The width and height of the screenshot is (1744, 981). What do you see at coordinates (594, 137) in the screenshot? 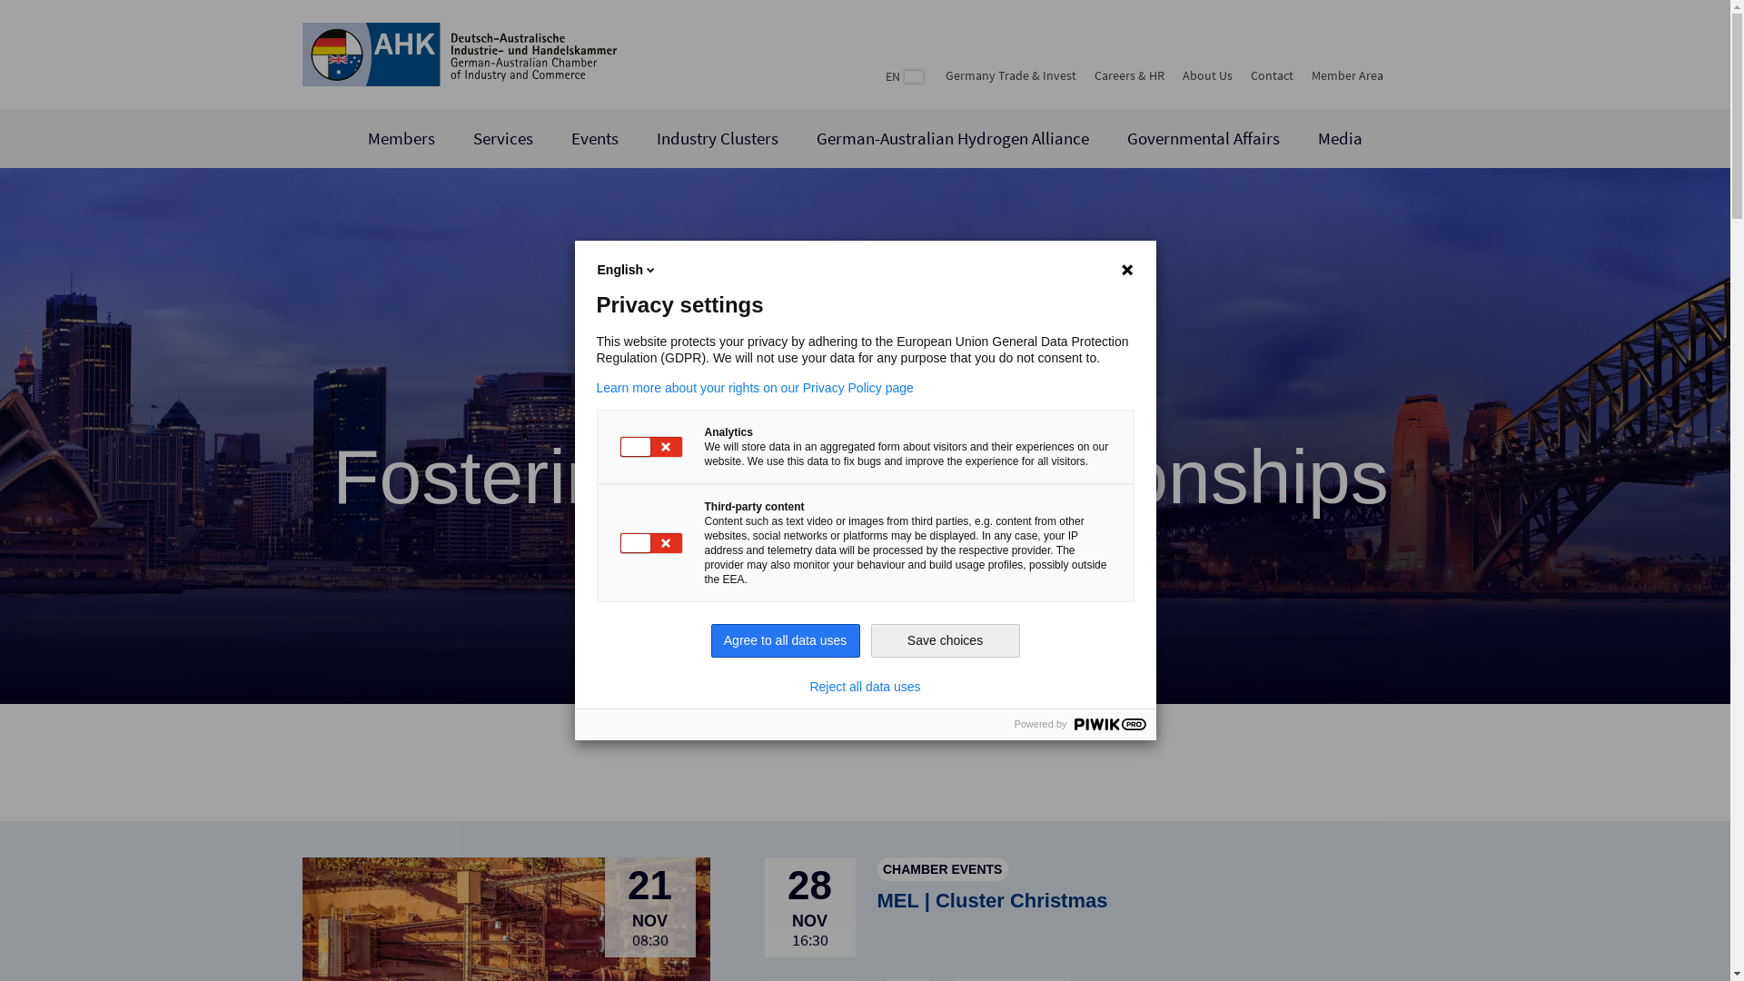
I see `'Events'` at bounding box center [594, 137].